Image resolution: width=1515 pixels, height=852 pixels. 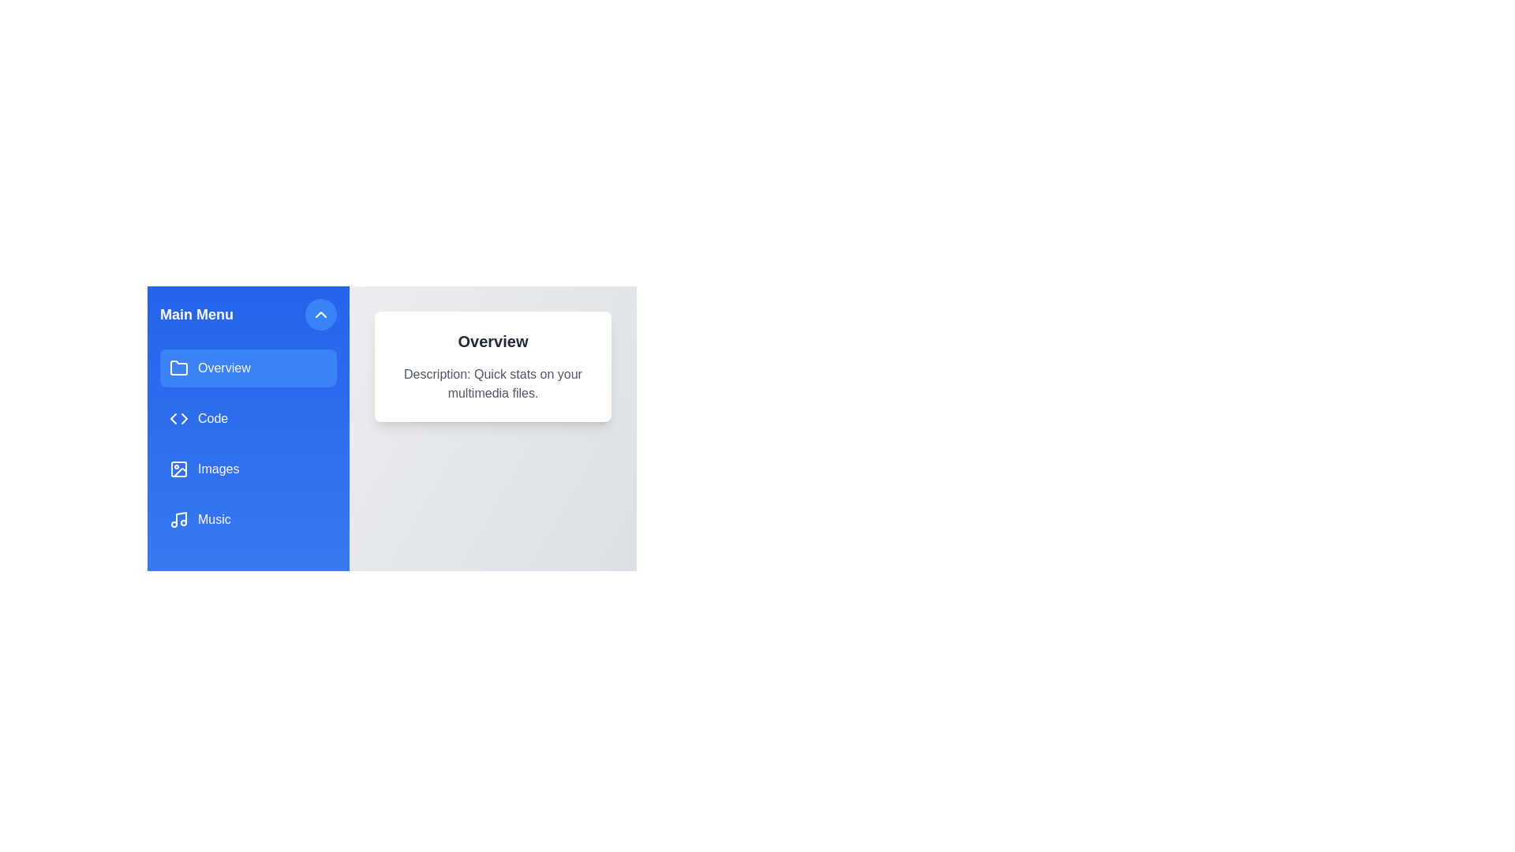 I want to click on the 'Images' icon, so click(x=178, y=468).